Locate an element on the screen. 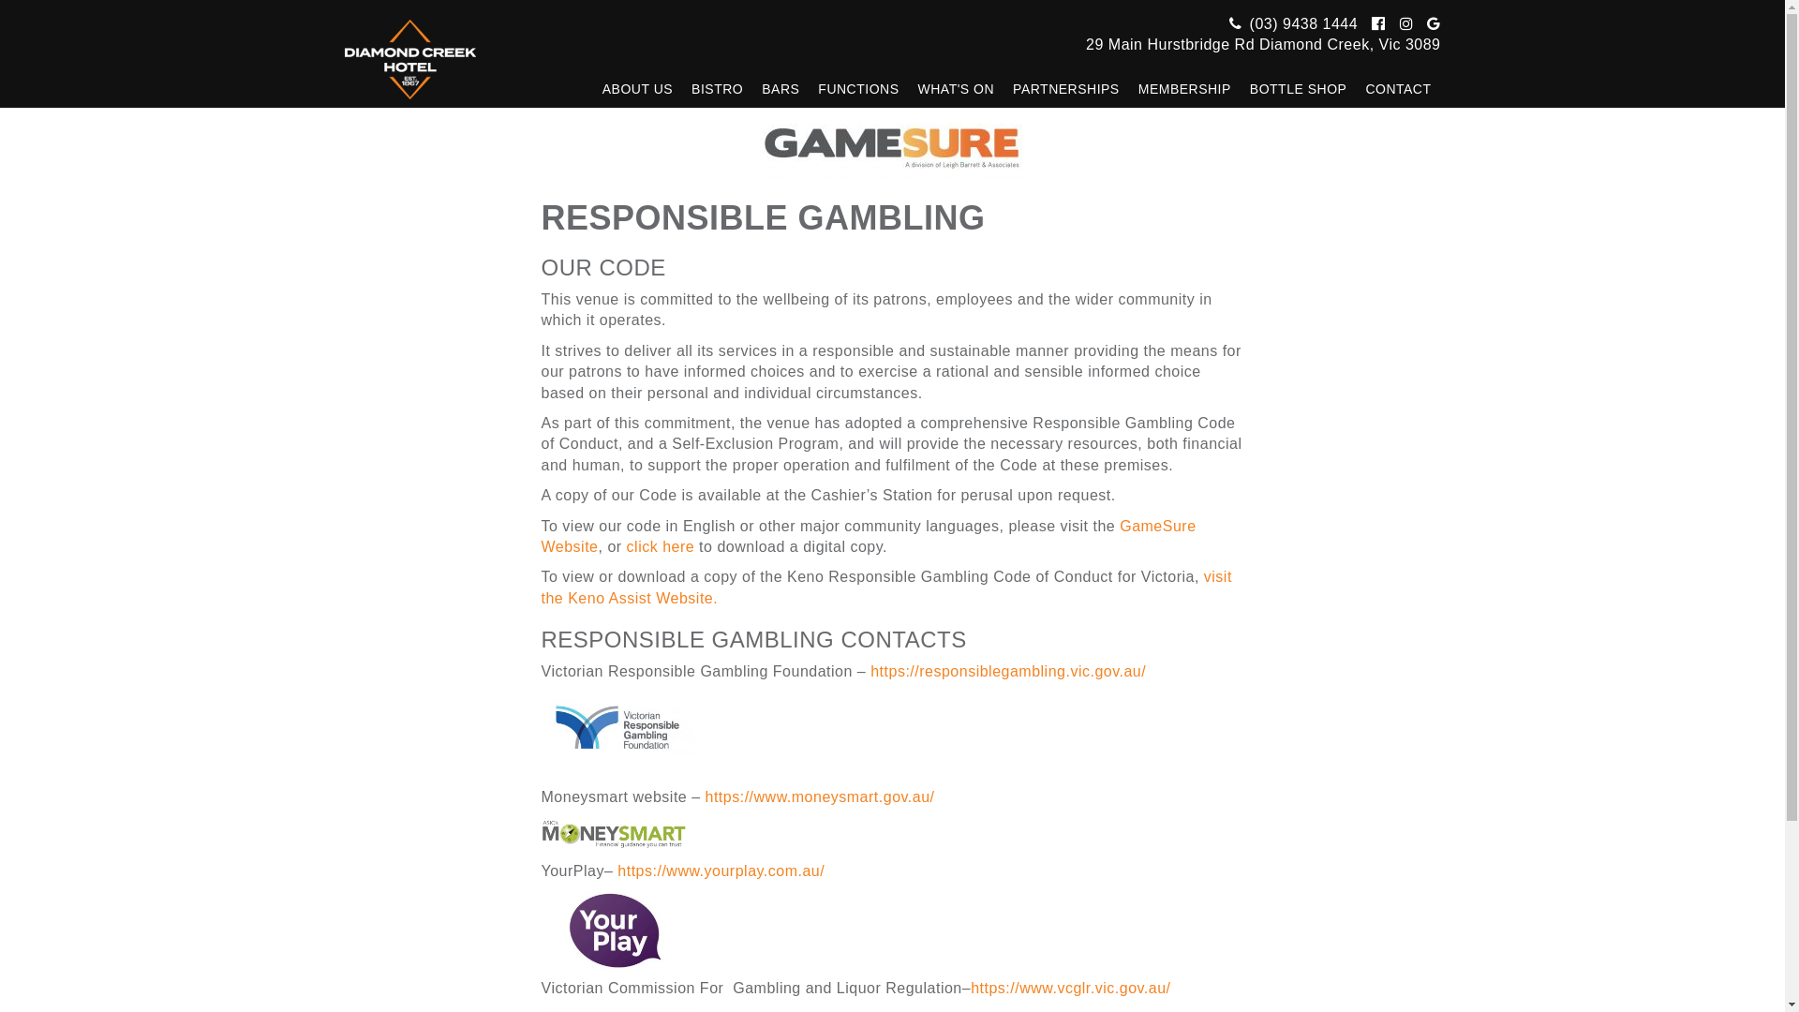 Image resolution: width=1799 pixels, height=1012 pixels. 'FUNCTIONS' is located at coordinates (857, 89).